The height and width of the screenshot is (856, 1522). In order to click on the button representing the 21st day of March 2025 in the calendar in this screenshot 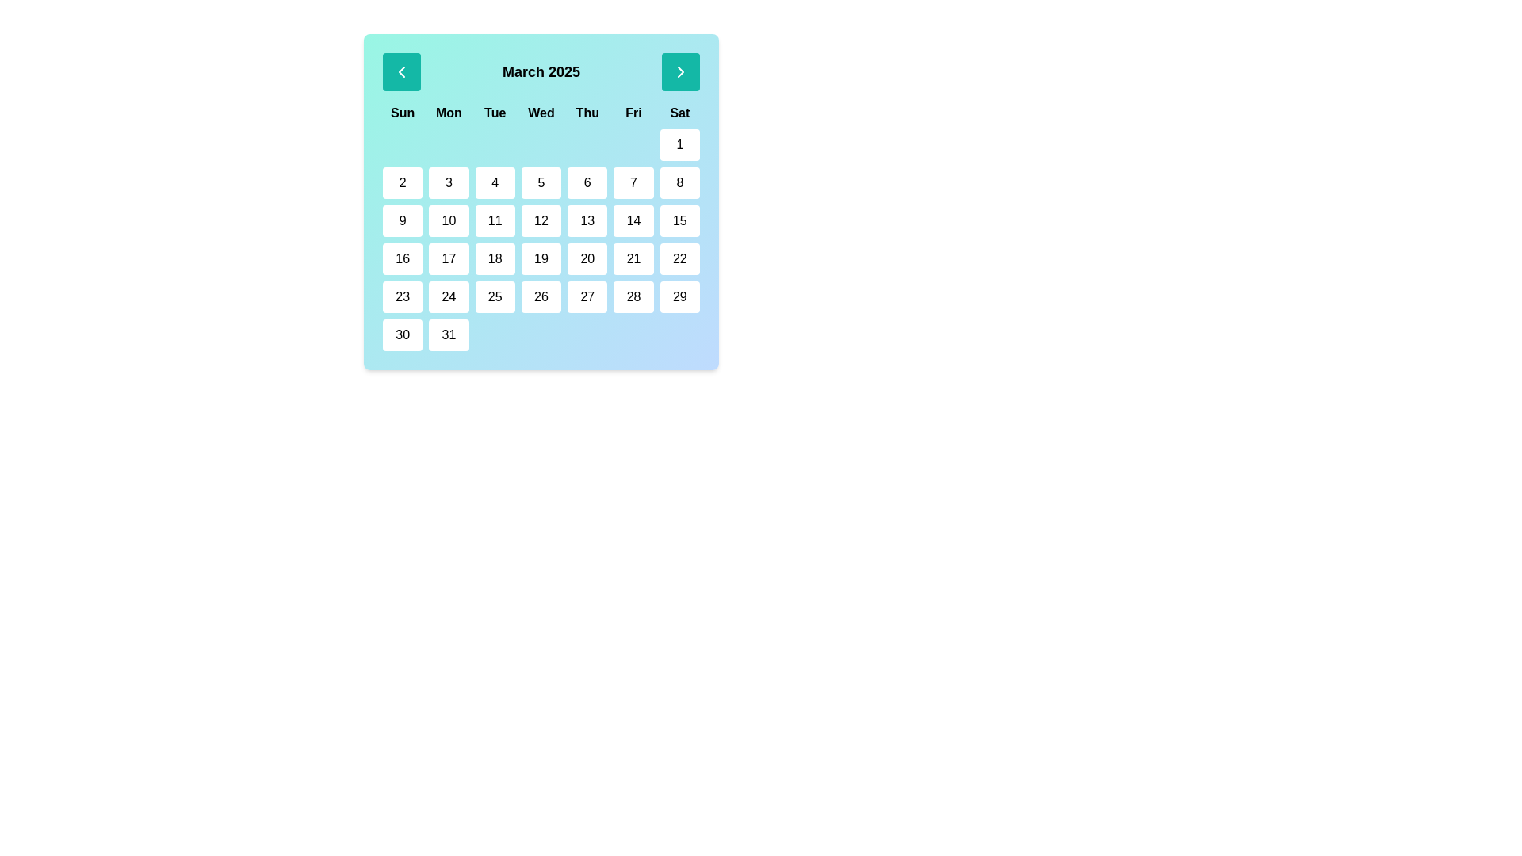, I will do `click(633, 258)`.